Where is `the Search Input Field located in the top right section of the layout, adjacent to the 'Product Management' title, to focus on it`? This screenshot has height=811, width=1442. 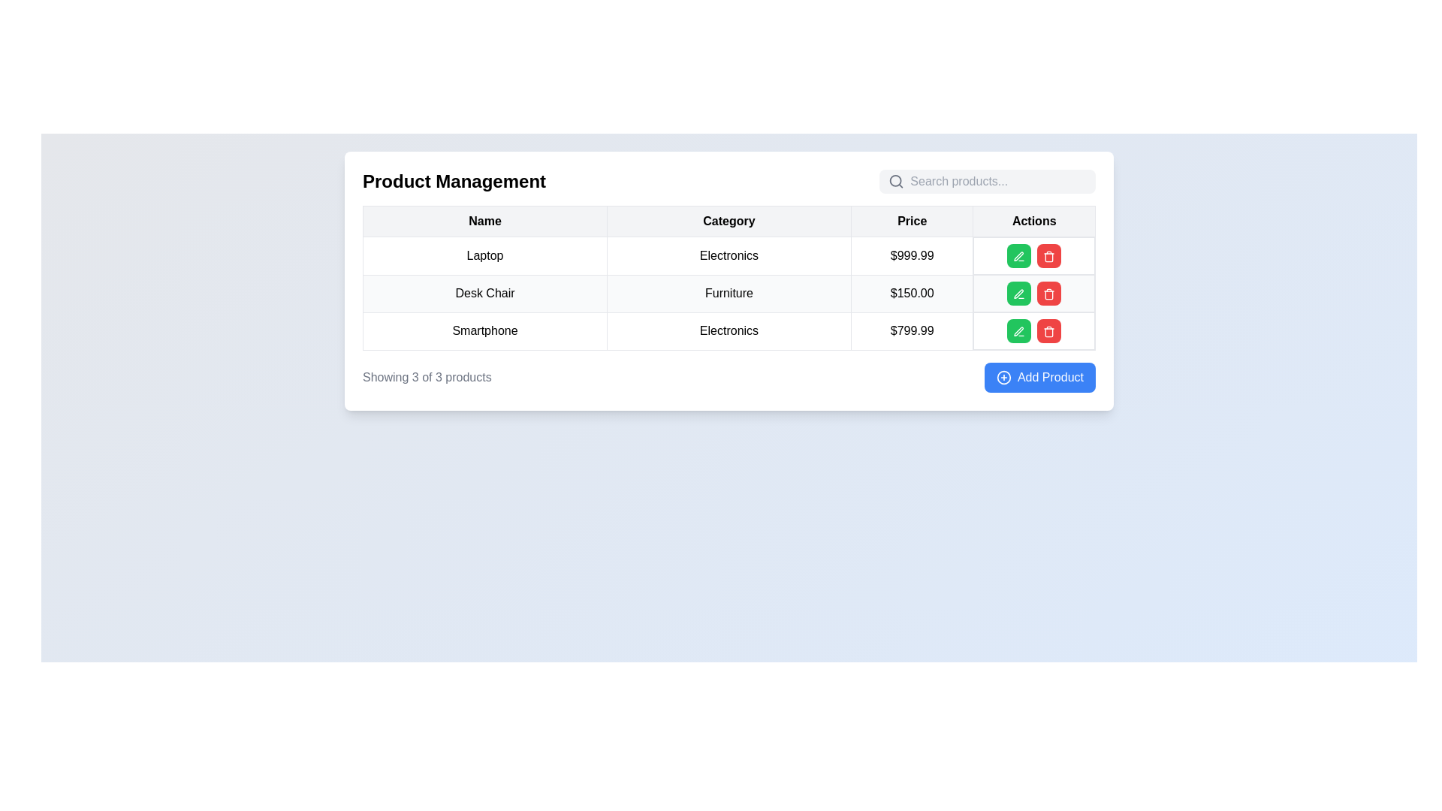
the Search Input Field located in the top right section of the layout, adjacent to the 'Product Management' title, to focus on it is located at coordinates (988, 181).